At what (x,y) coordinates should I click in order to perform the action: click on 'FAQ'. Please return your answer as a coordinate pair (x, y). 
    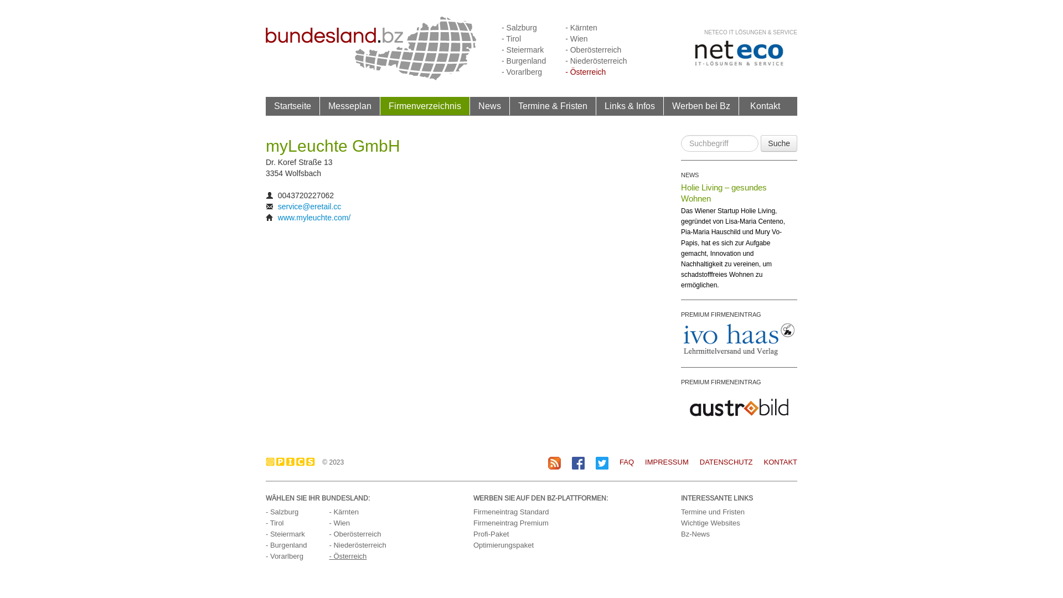
    Looking at the image, I should click on (627, 461).